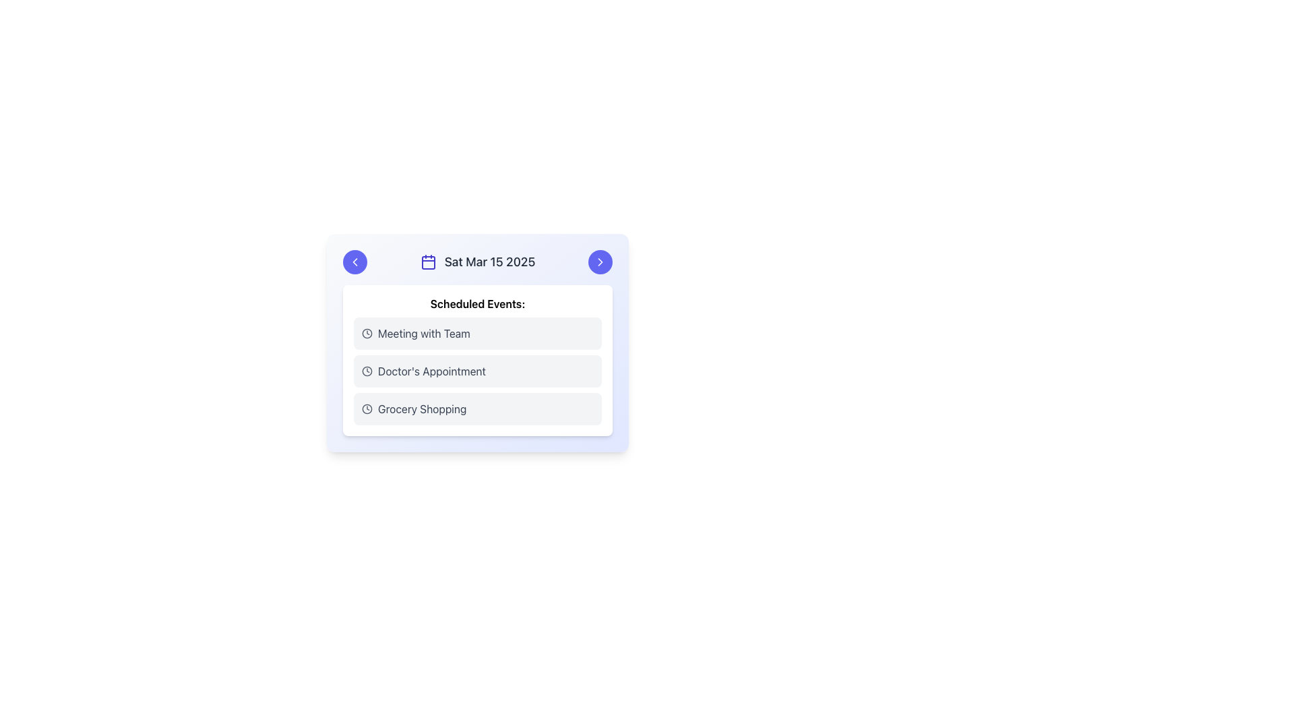  Describe the element at coordinates (355, 262) in the screenshot. I see `the button located at the top-left corner of the card component, which allows navigation to the previous date in the calendar application, to trigger a background color change` at that location.